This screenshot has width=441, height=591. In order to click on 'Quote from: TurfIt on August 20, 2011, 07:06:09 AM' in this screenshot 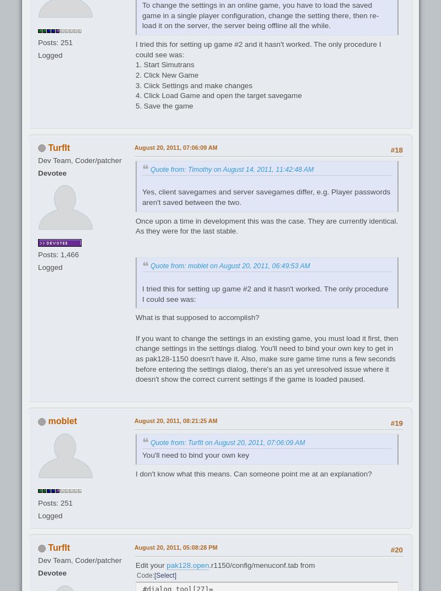, I will do `click(227, 442)`.